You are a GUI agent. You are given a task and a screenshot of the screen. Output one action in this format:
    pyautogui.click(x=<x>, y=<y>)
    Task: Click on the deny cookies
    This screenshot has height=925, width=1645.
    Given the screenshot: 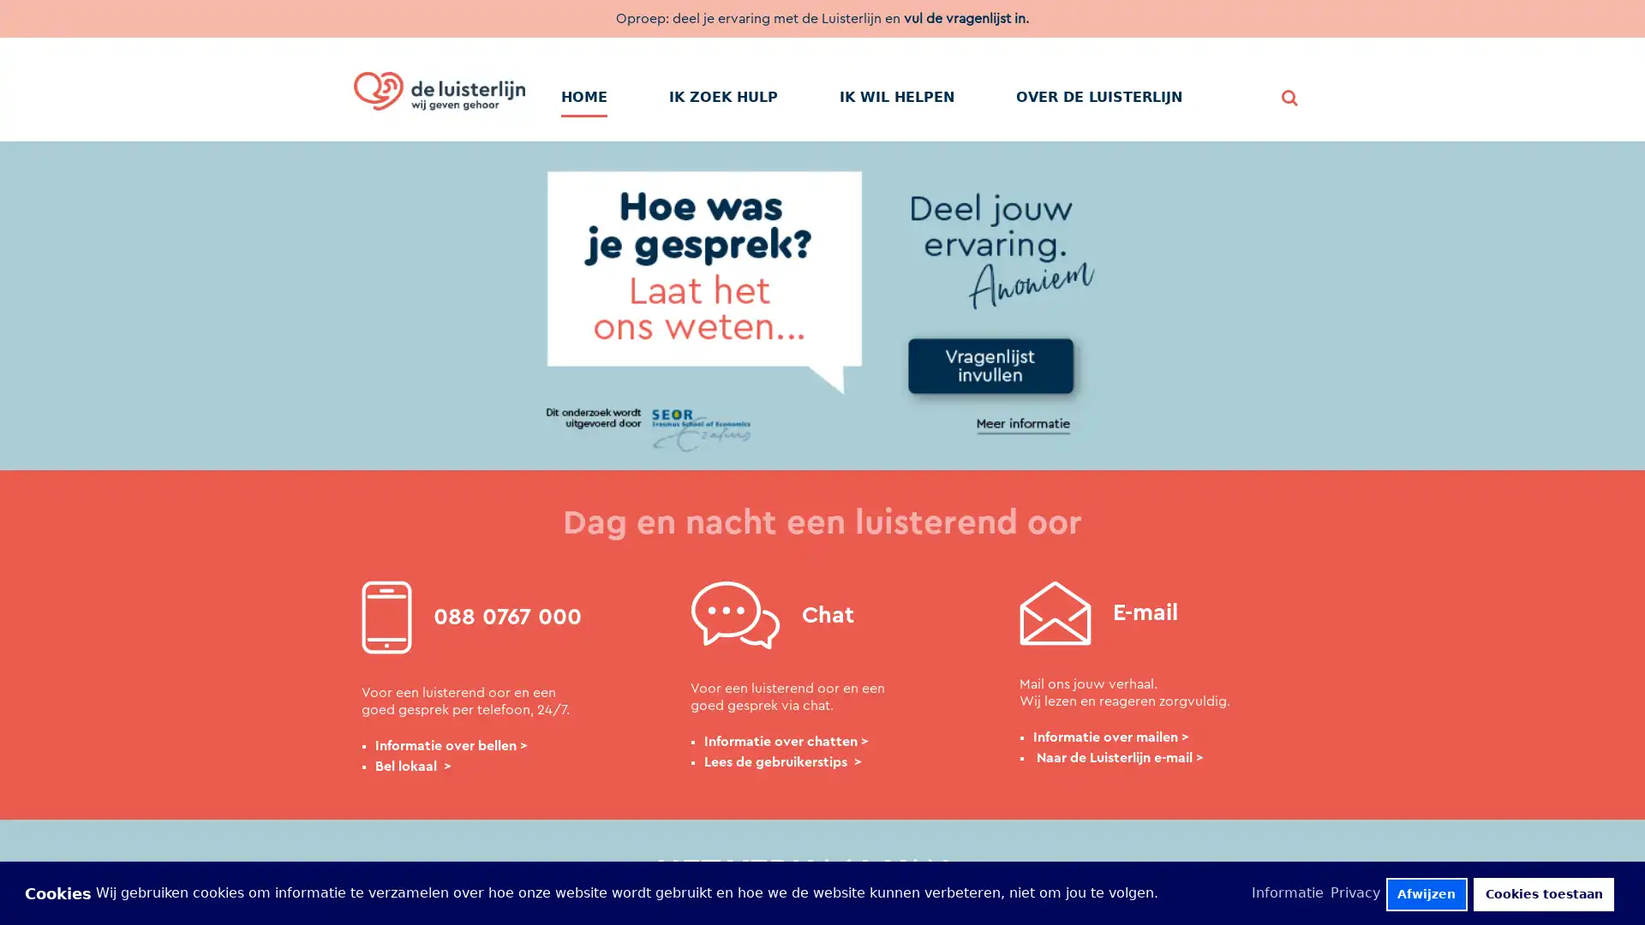 What is the action you would take?
    pyautogui.click(x=1426, y=893)
    